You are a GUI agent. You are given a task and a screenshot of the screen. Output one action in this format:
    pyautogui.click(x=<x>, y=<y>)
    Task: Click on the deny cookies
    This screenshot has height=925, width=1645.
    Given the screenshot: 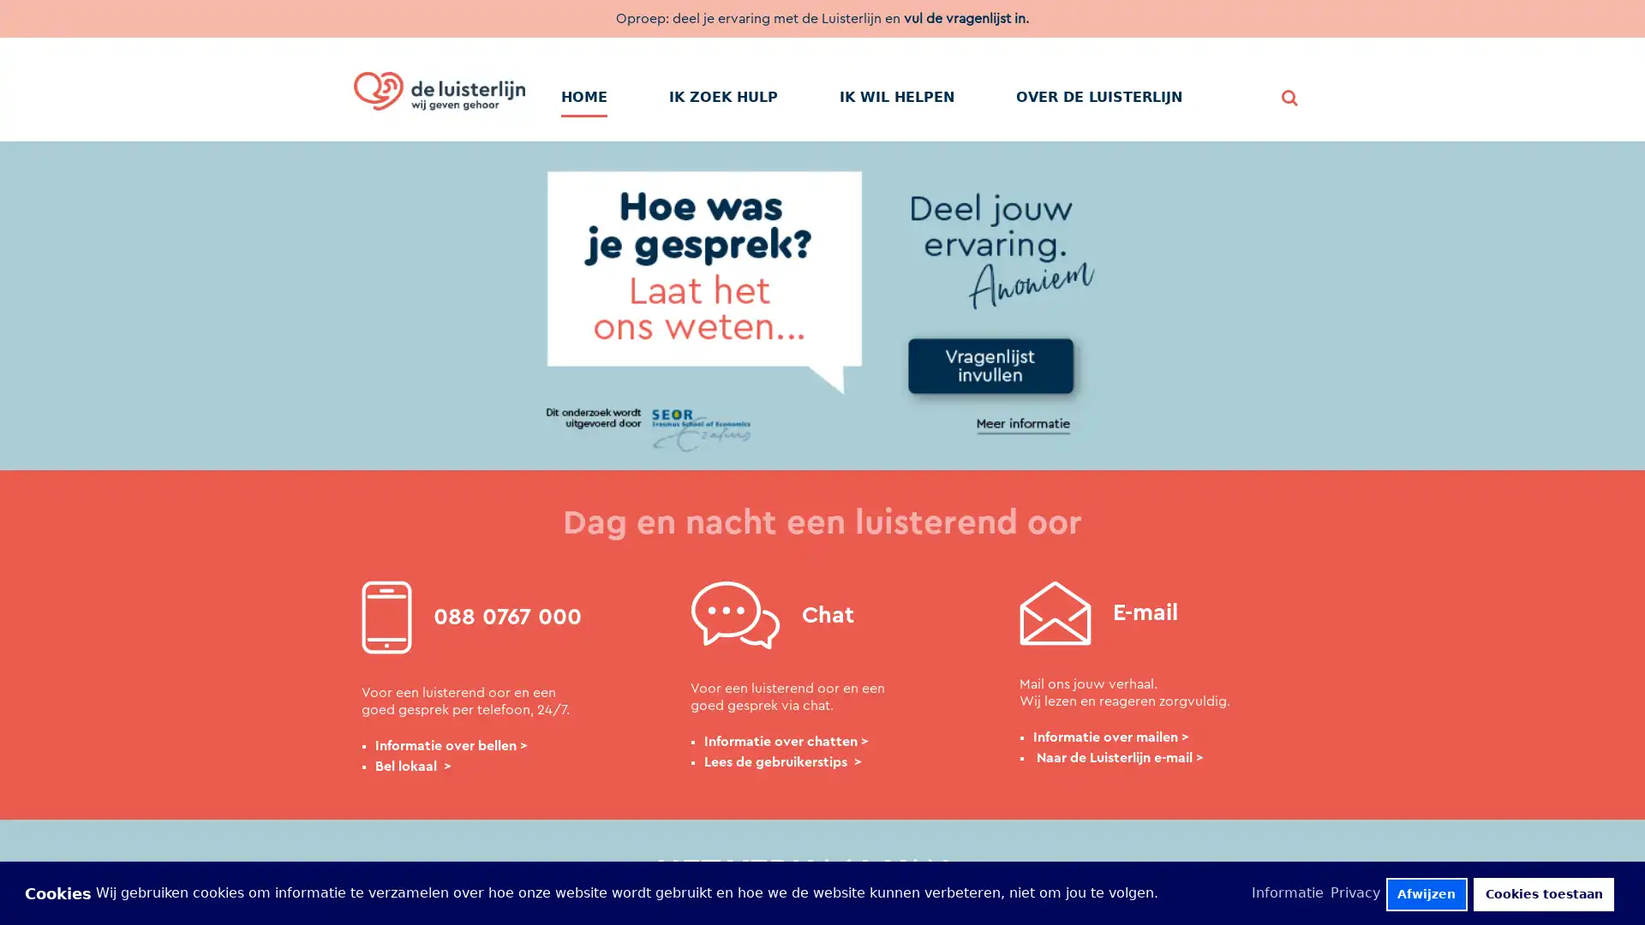 What is the action you would take?
    pyautogui.click(x=1426, y=893)
    